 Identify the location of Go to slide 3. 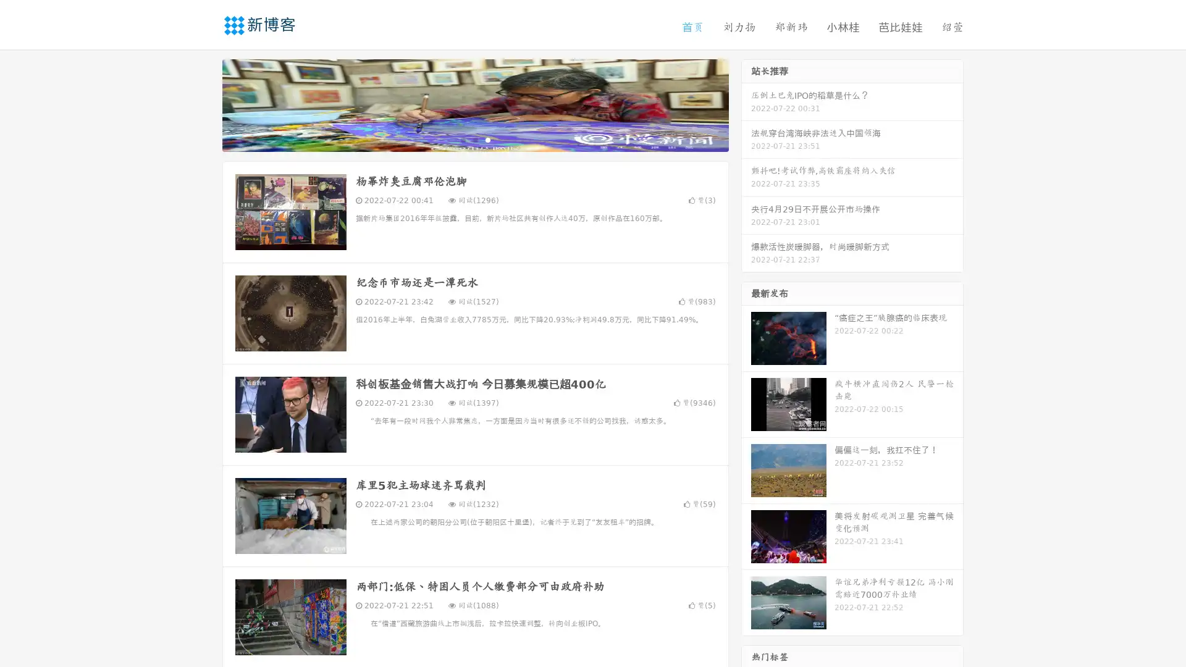
(487, 139).